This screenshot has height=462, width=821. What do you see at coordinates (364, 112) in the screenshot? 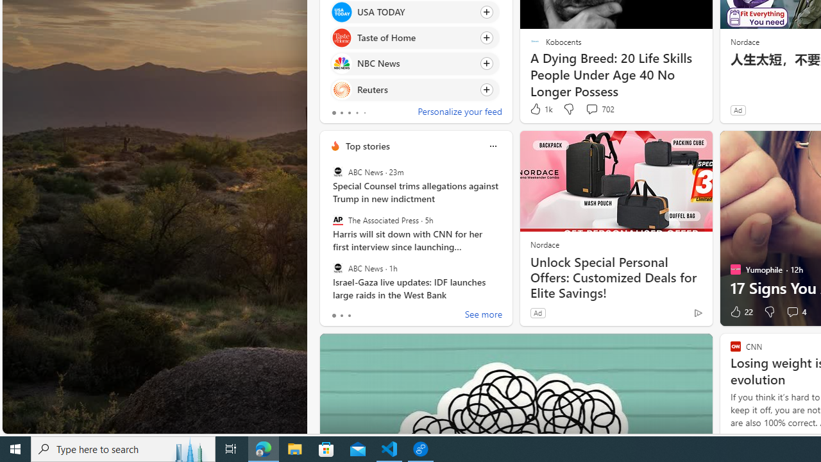
I see `'tab-4'` at bounding box center [364, 112].